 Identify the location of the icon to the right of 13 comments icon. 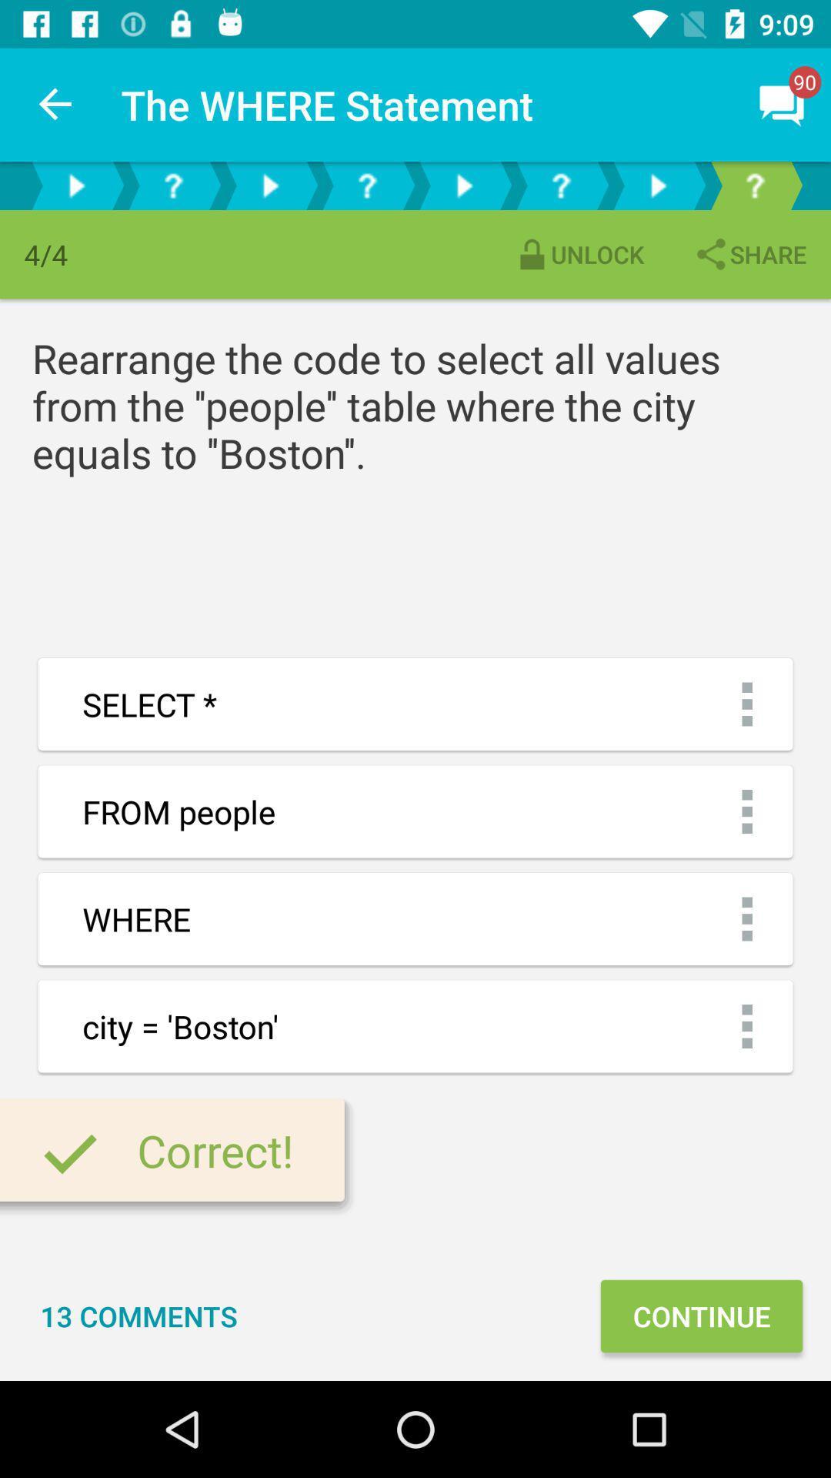
(701, 1315).